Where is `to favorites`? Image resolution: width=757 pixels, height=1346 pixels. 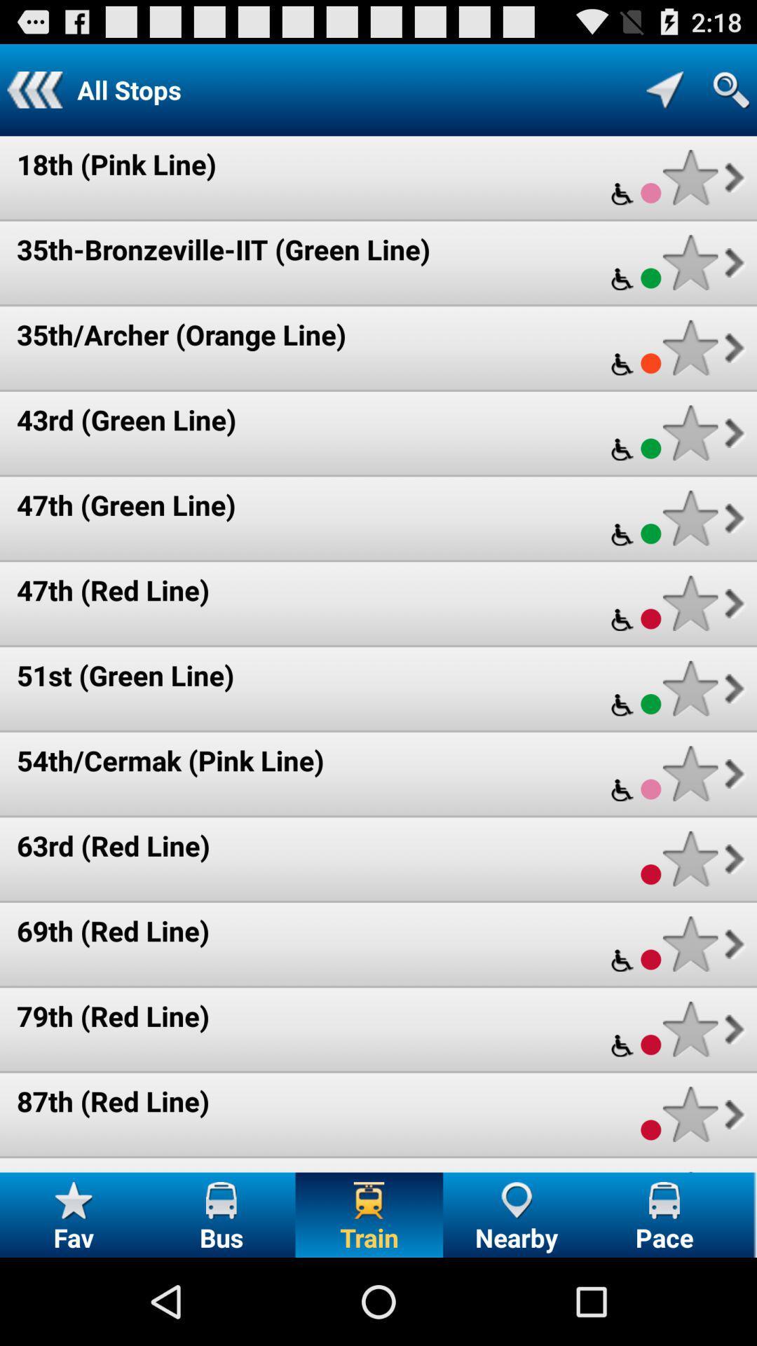 to favorites is located at coordinates (690, 1029).